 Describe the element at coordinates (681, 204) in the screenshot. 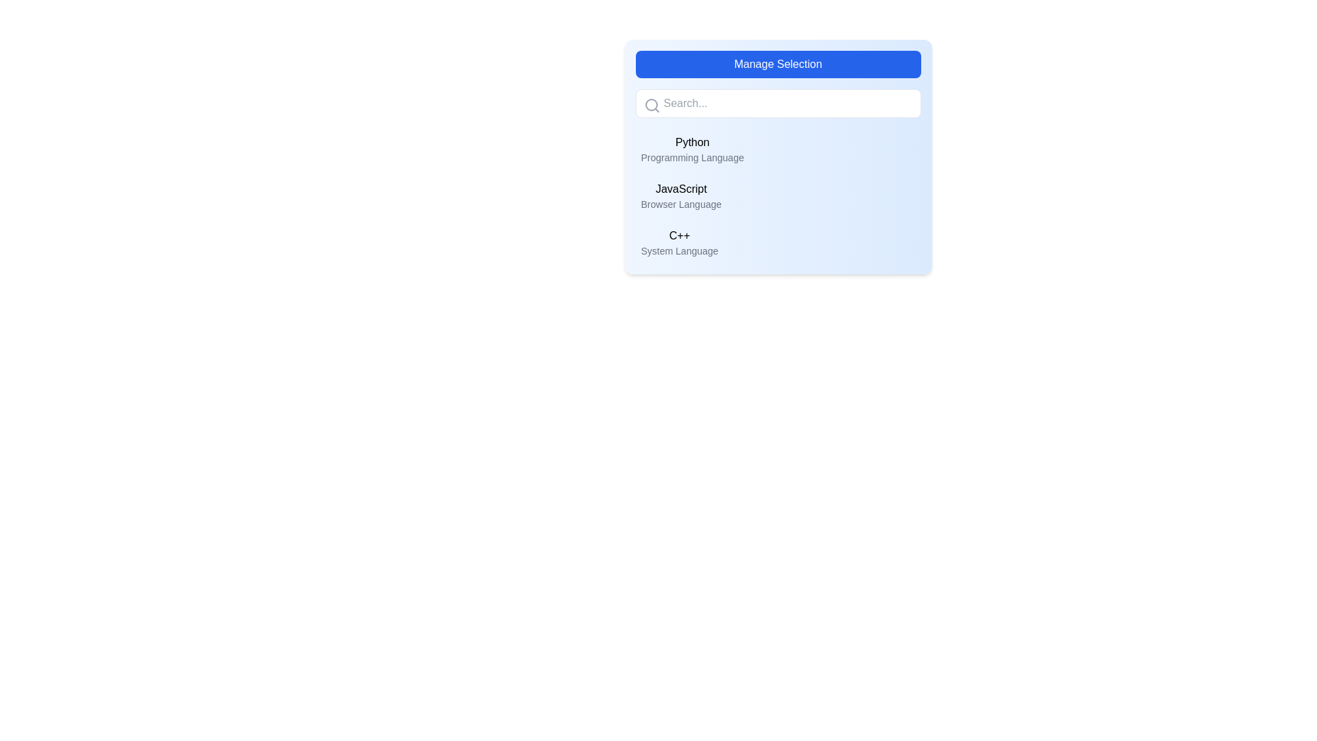

I see `the text label element reading 'Browser Language' which is styled in light gray and positioned directly below the bold 'JavaScript' text` at that location.